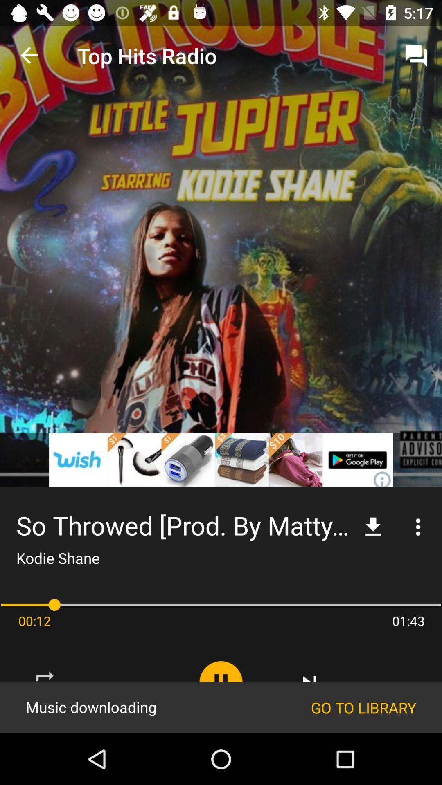 This screenshot has height=785, width=442. I want to click on the skip_next icon, so click(309, 682).